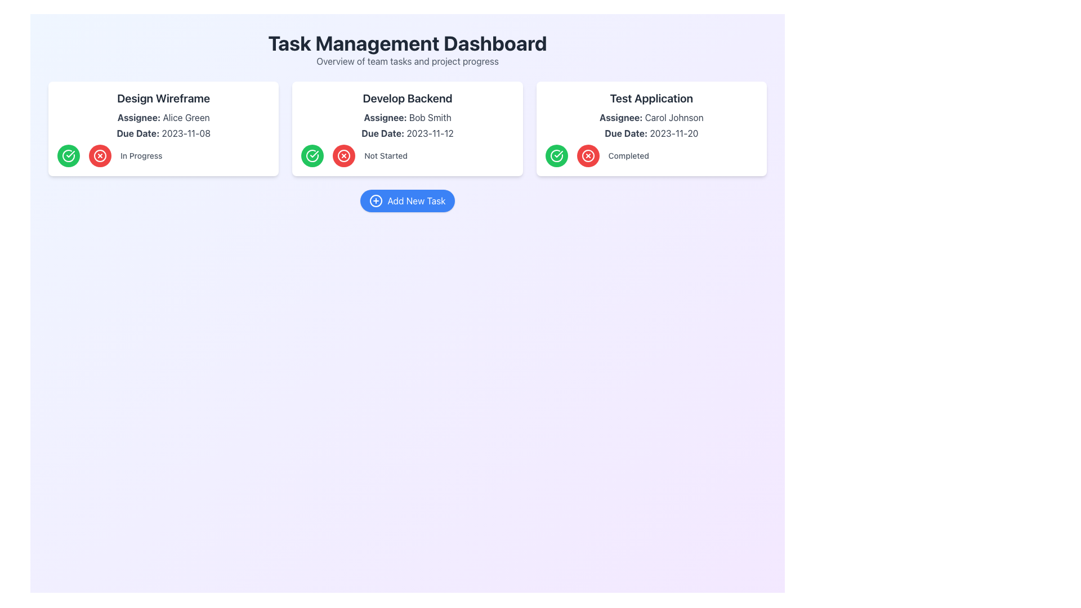 Image resolution: width=1081 pixels, height=608 pixels. What do you see at coordinates (314, 154) in the screenshot?
I see `the Checkmark Icon located in the 'Develop Backend' task card, which serves as a visual indicator for marking tasks as complete or successful` at bounding box center [314, 154].